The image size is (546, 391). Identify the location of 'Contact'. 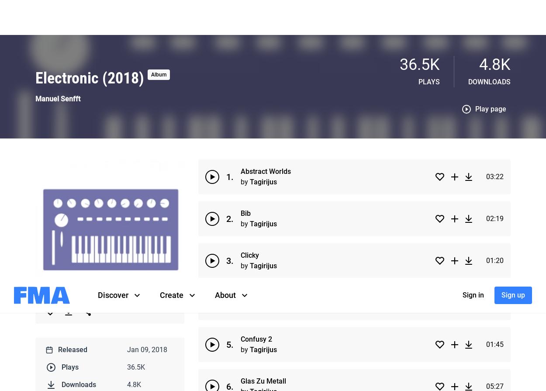
(194, 140).